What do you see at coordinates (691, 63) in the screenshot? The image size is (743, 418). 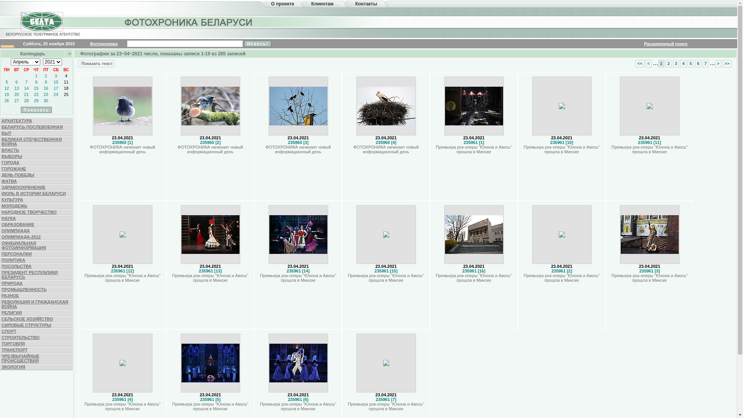 I see `'5'` at bounding box center [691, 63].